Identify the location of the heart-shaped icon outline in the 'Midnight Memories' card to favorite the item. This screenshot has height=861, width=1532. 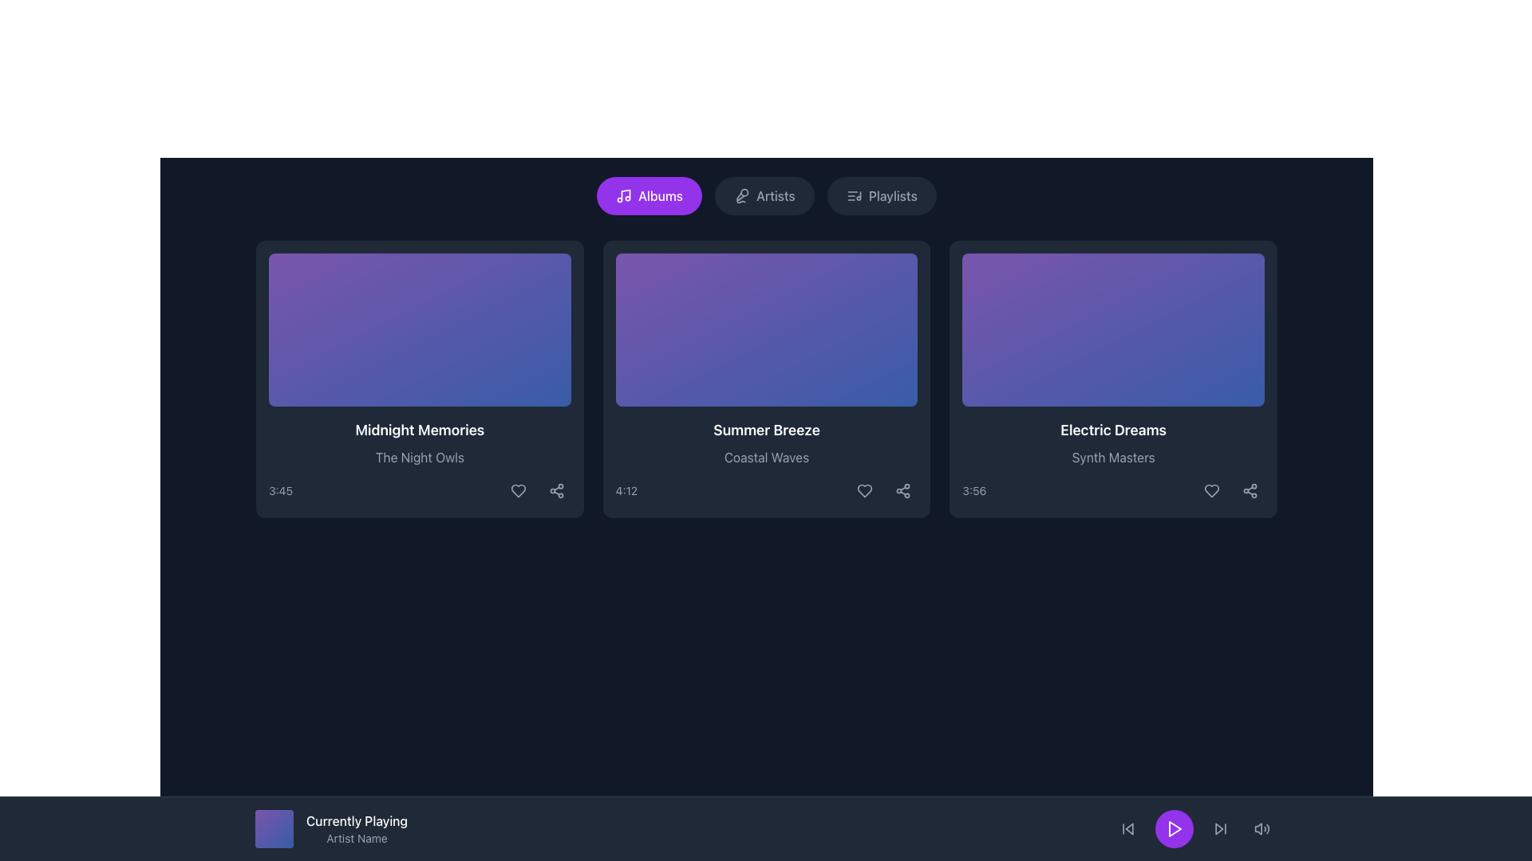
(518, 490).